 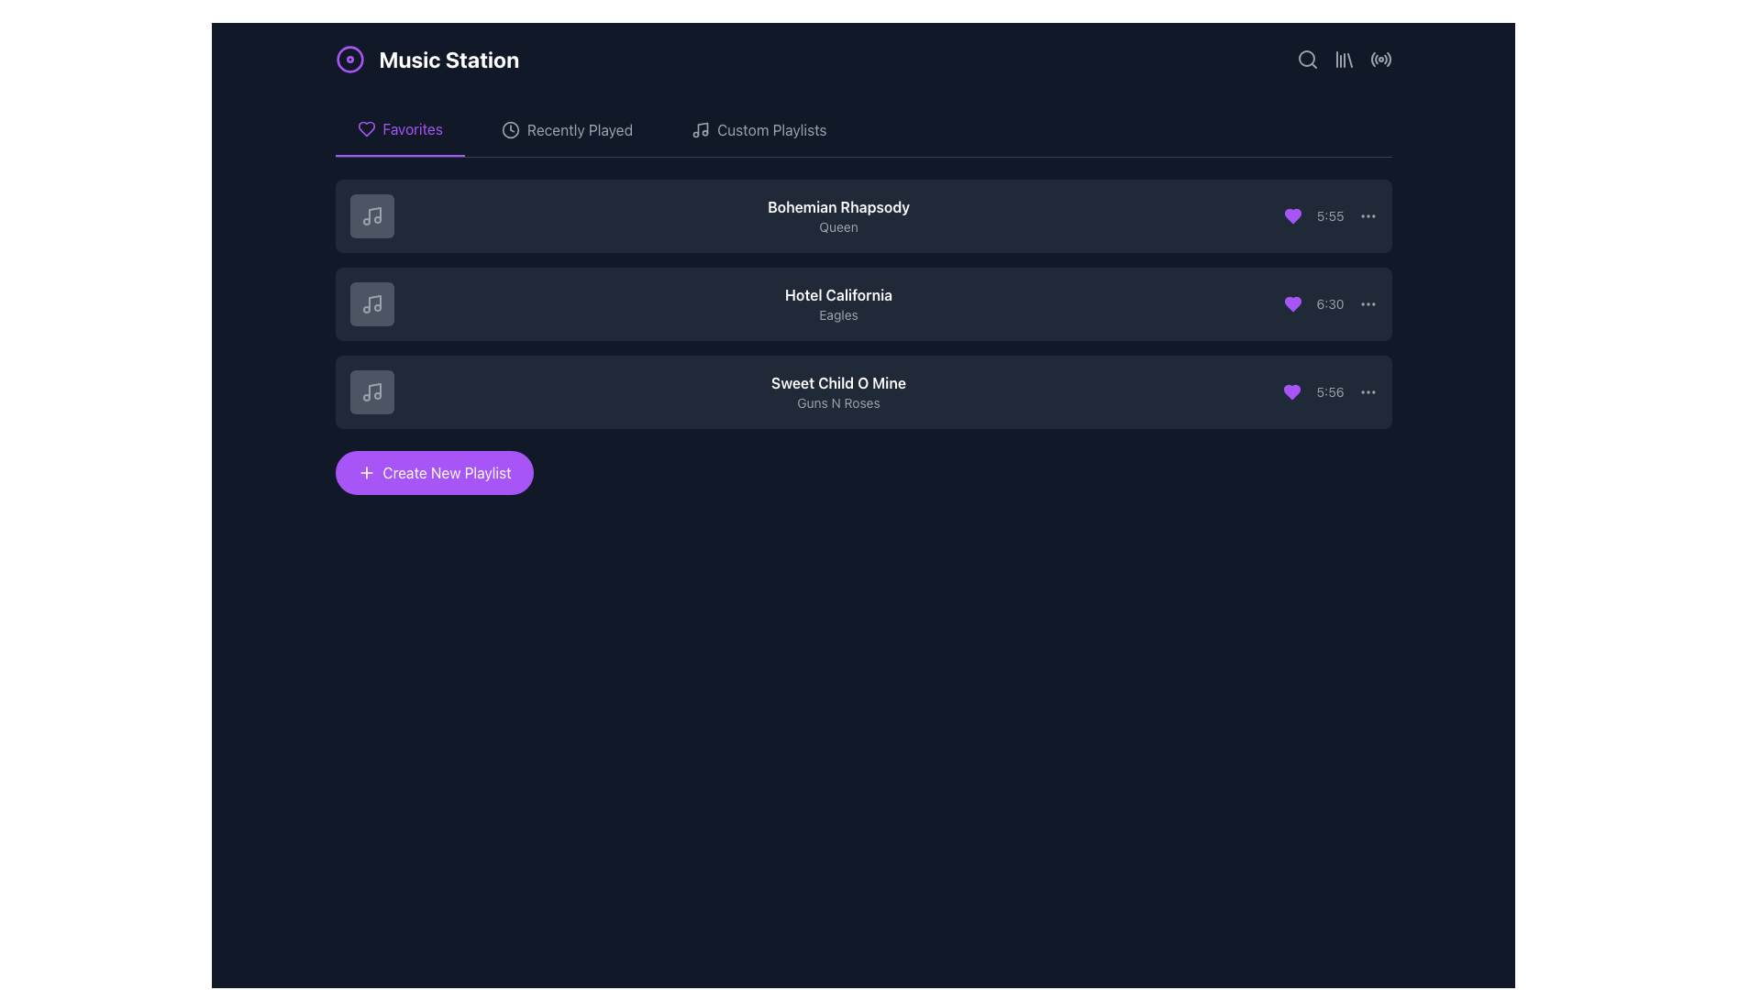 What do you see at coordinates (349, 59) in the screenshot?
I see `the outermost circle of the logo, which is a decorative SVG circle located at the top-left corner of the application` at bounding box center [349, 59].